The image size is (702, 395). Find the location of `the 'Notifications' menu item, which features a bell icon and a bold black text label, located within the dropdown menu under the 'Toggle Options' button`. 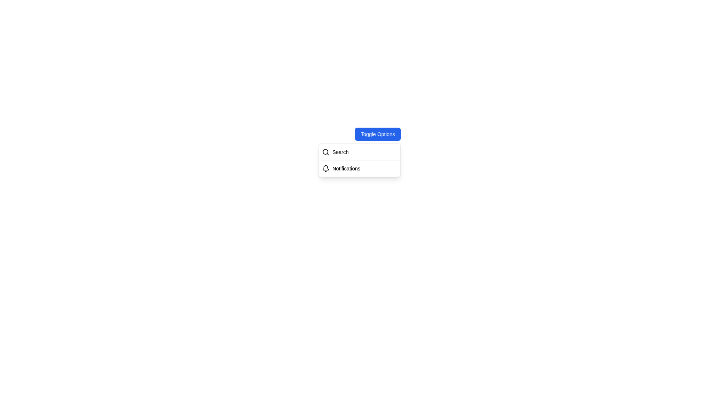

the 'Notifications' menu item, which features a bell icon and a bold black text label, located within the dropdown menu under the 'Toggle Options' button is located at coordinates (360, 169).